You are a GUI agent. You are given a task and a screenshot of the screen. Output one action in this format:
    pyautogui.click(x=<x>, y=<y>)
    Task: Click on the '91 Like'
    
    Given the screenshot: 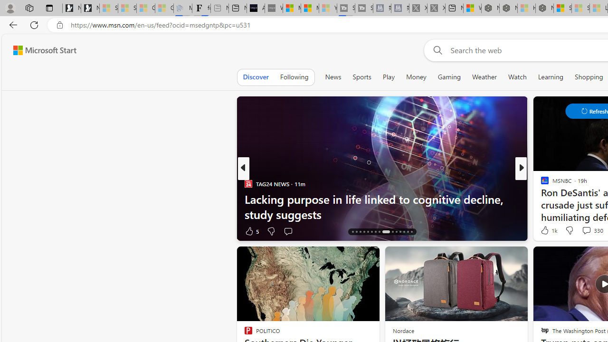 What is the action you would take?
    pyautogui.click(x=546, y=231)
    